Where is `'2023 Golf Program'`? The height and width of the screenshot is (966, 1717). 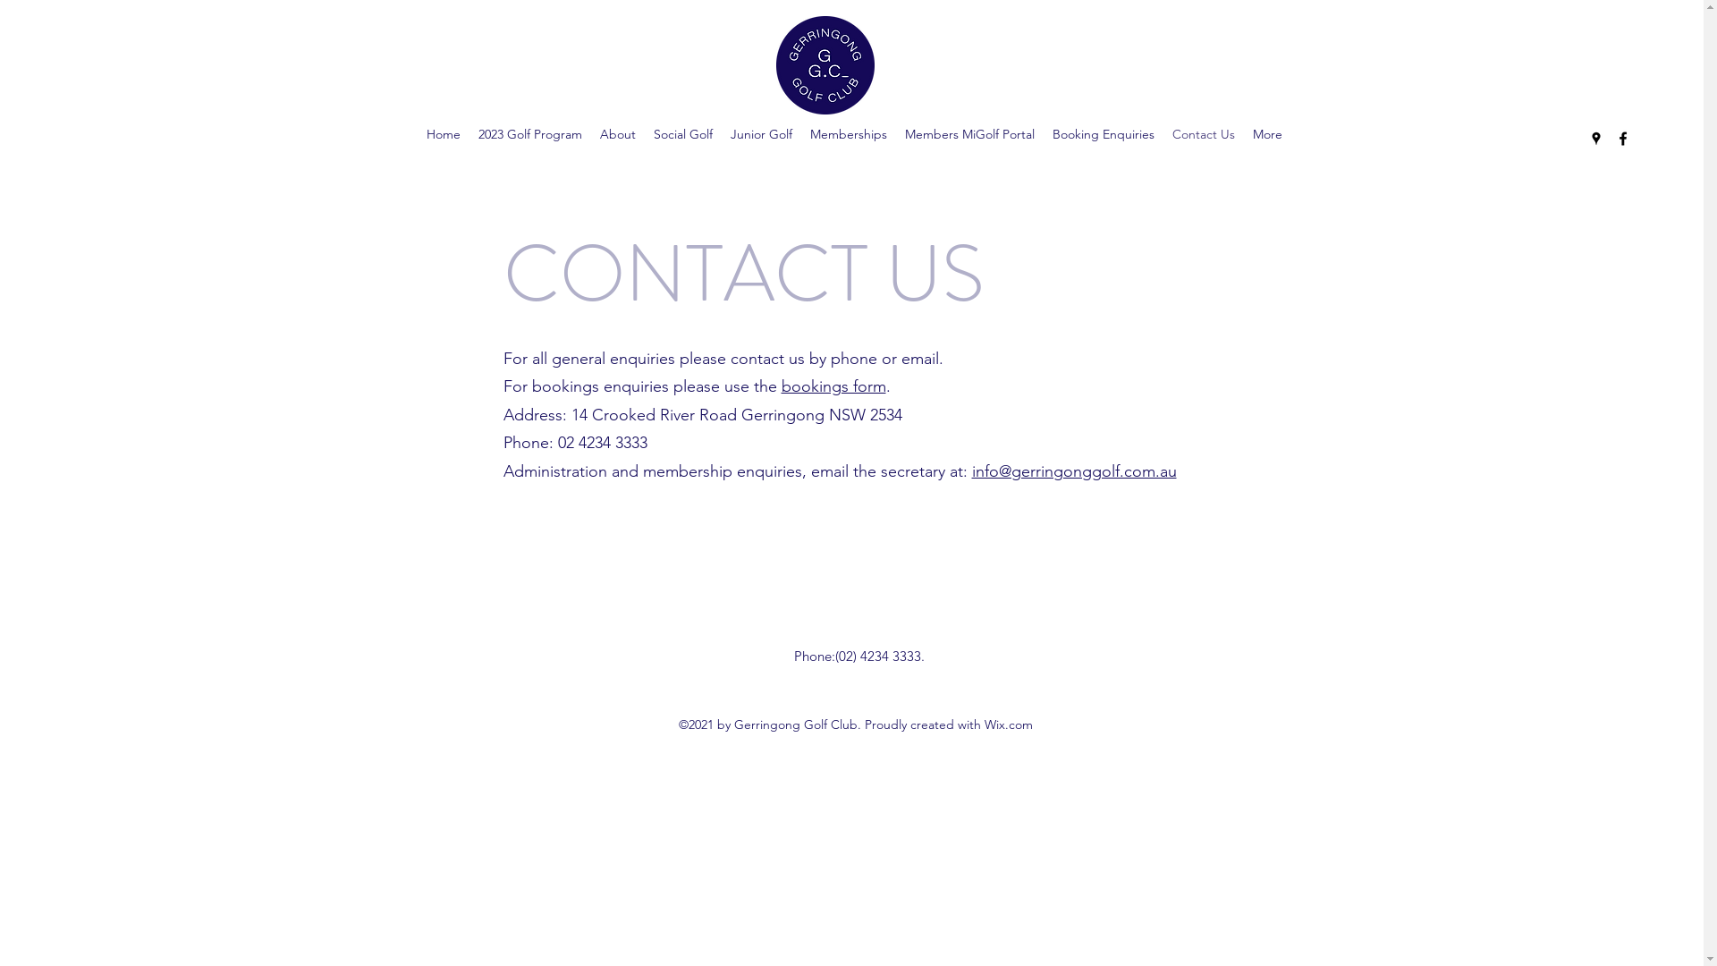 '2023 Golf Program' is located at coordinates (529, 133).